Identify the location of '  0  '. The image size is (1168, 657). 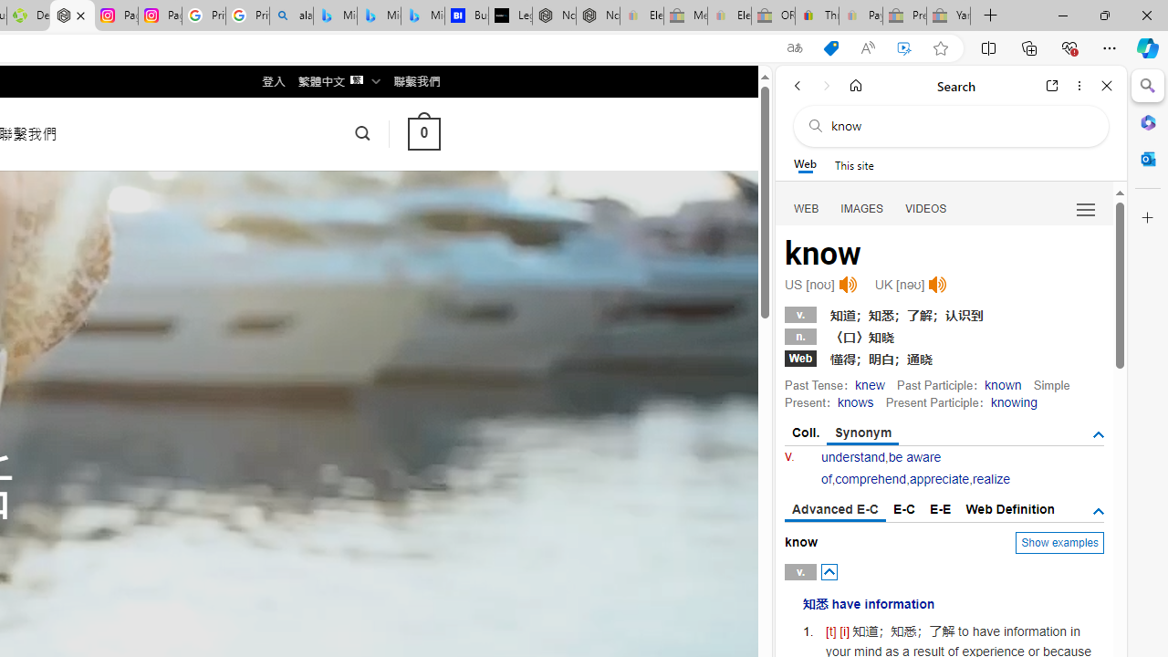
(422, 132).